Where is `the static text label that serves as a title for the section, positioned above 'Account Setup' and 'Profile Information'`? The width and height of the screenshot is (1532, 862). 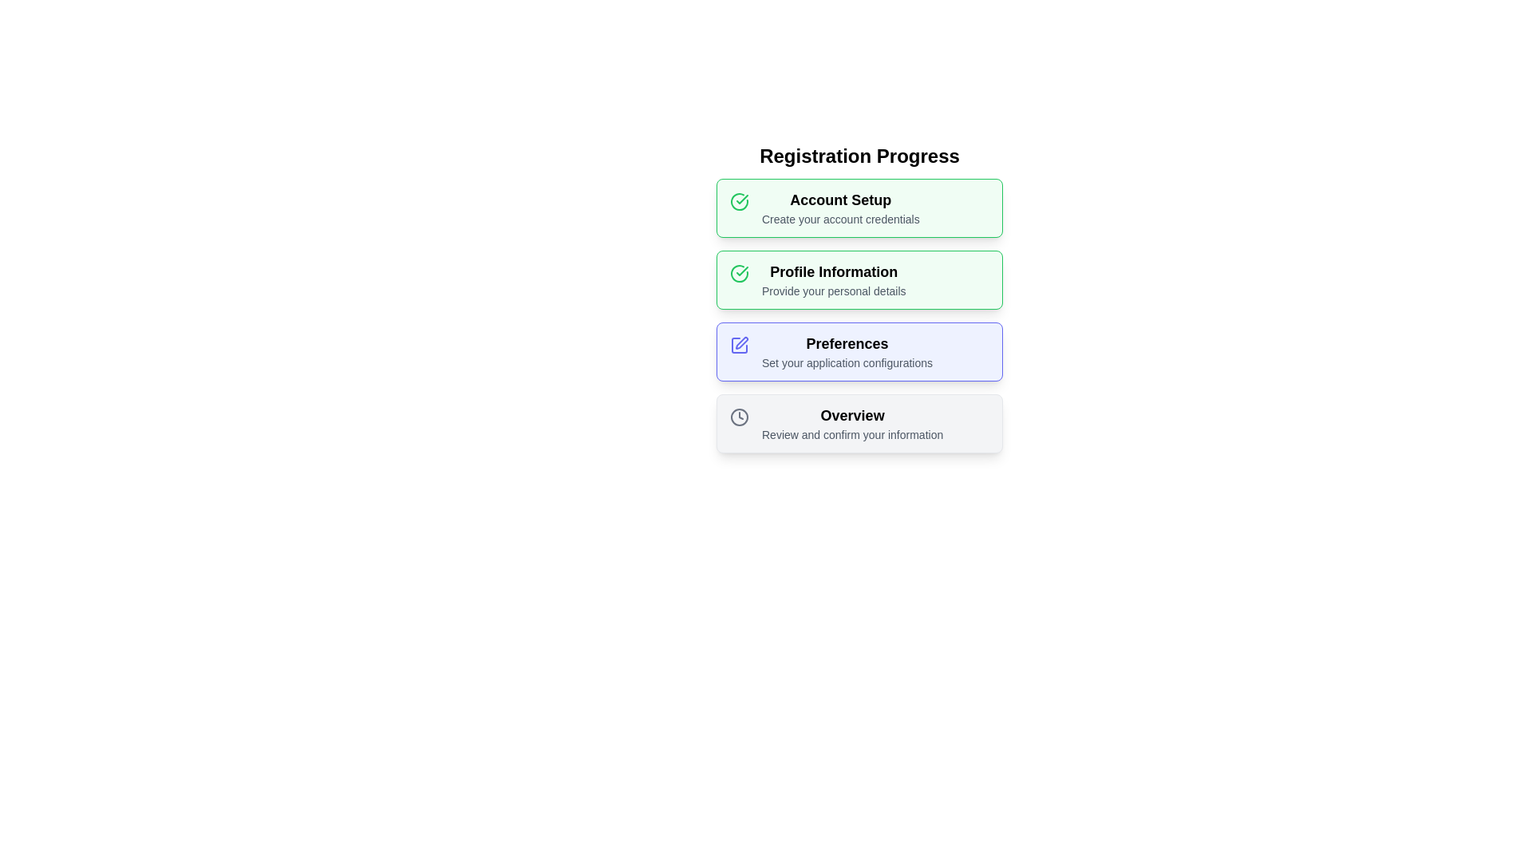 the static text label that serves as a title for the section, positioned above 'Account Setup' and 'Profile Information' is located at coordinates (859, 156).